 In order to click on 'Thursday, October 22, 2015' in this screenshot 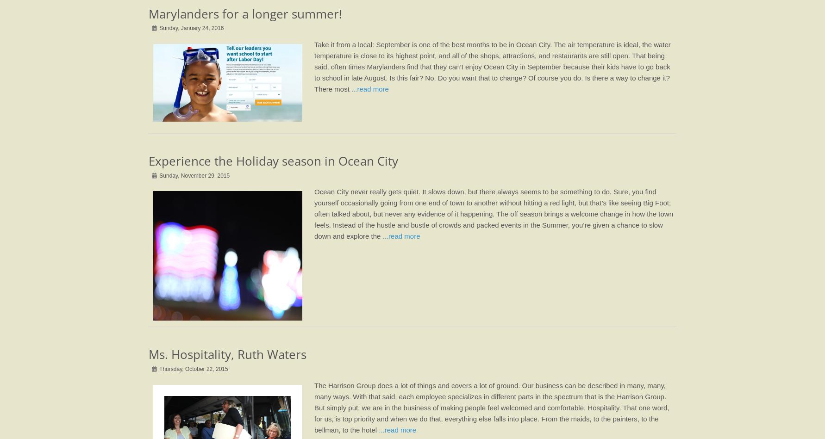, I will do `click(193, 368)`.